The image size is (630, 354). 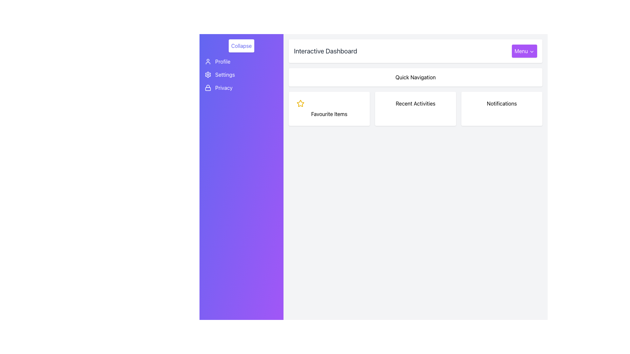 What do you see at coordinates (300, 103) in the screenshot?
I see `the star icon located in the top-left section of the 'Favourite Items' card, which is used for favoriting or highlighting items` at bounding box center [300, 103].